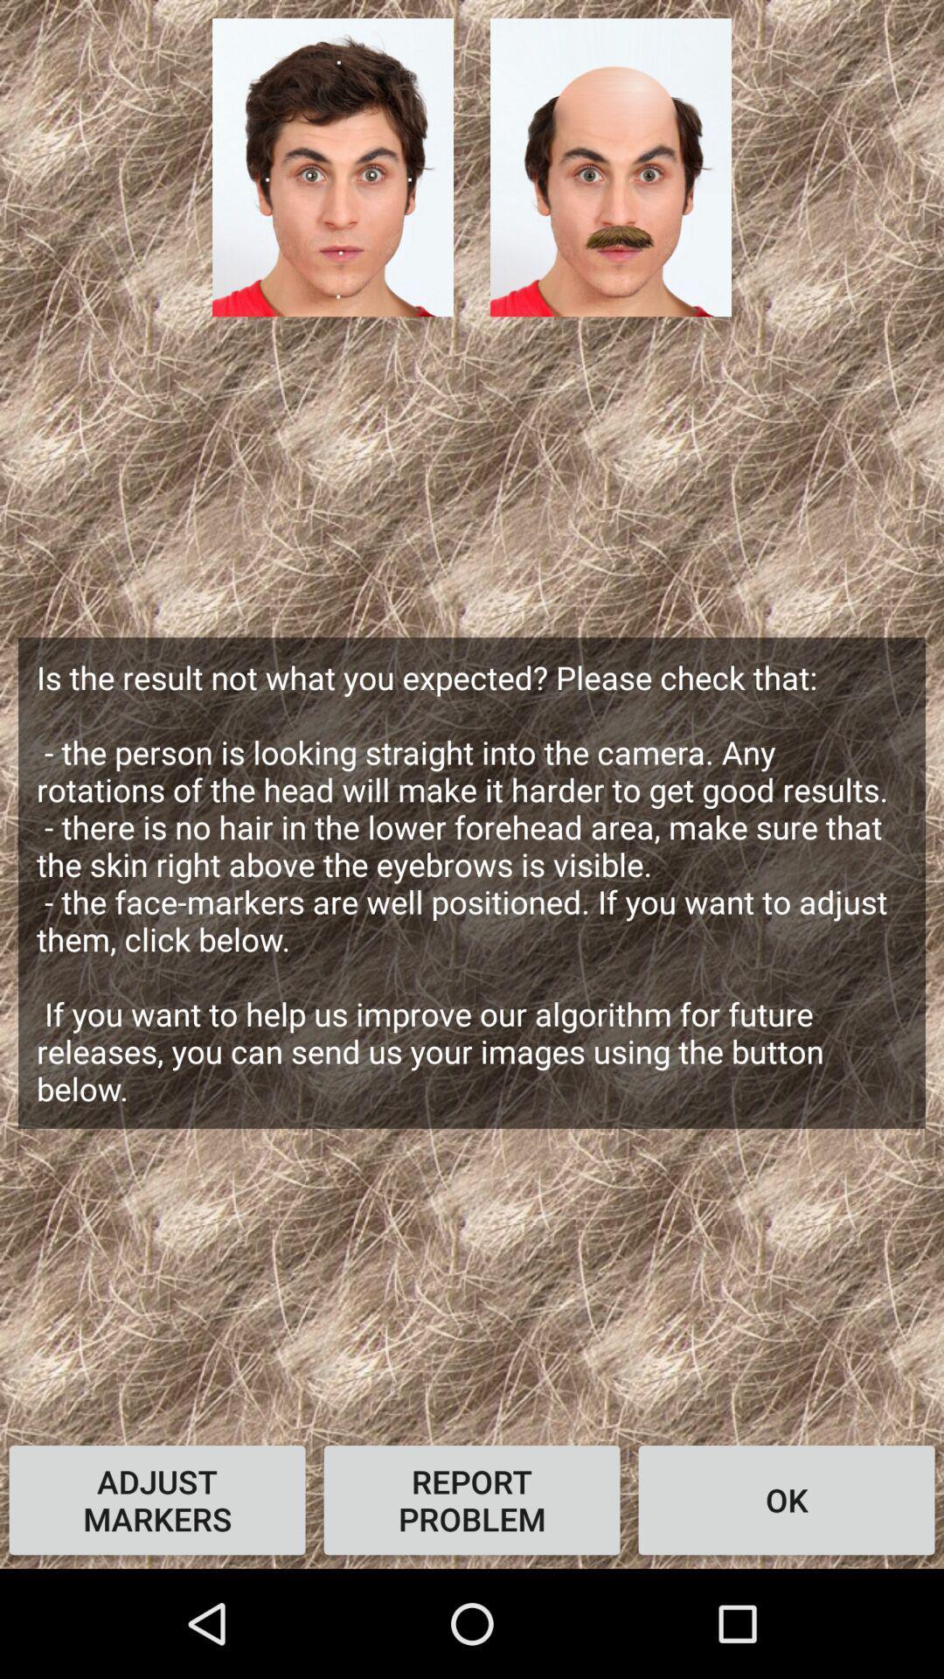 Image resolution: width=944 pixels, height=1679 pixels. I want to click on icon below the is the result, so click(157, 1499).